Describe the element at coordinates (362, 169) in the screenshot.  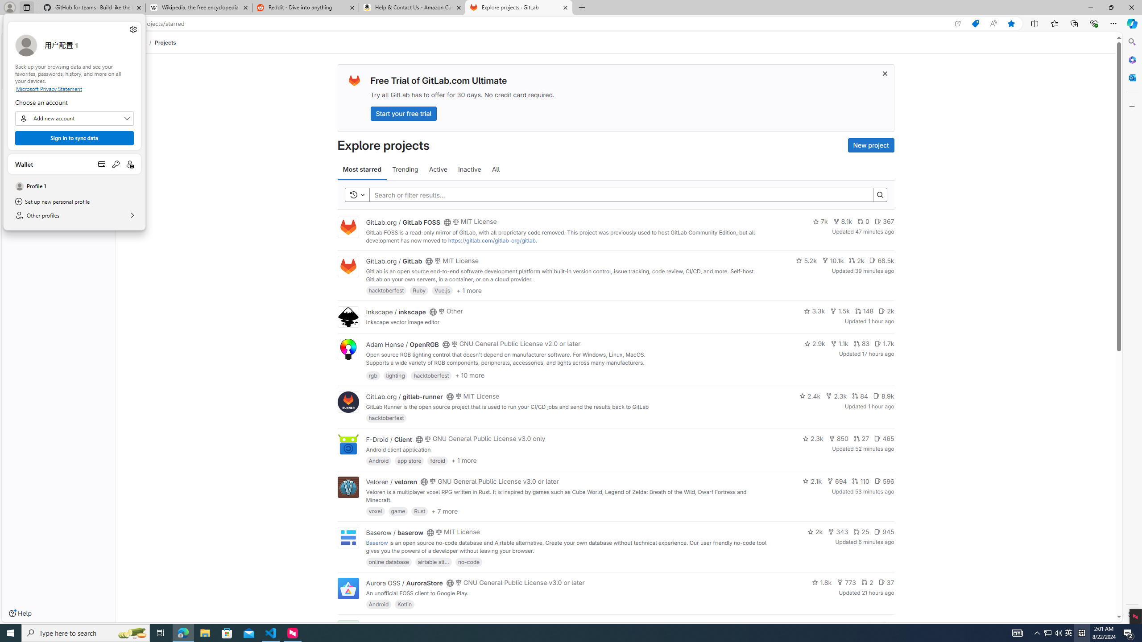
I see `'Most starred'` at that location.